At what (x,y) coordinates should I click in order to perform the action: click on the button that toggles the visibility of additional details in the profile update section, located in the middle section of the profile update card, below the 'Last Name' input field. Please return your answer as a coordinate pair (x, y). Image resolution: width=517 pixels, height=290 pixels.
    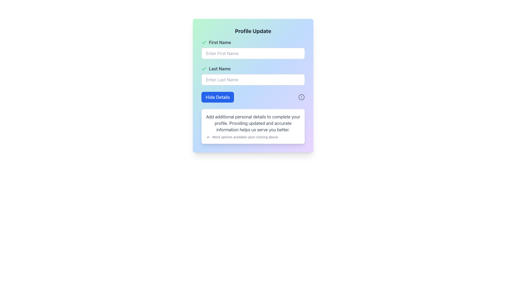
    Looking at the image, I should click on (218, 97).